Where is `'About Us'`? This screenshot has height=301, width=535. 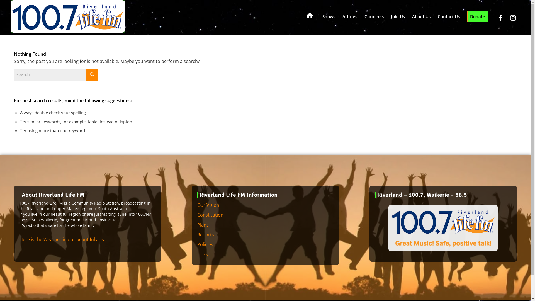
'About Us' is located at coordinates (421, 16).